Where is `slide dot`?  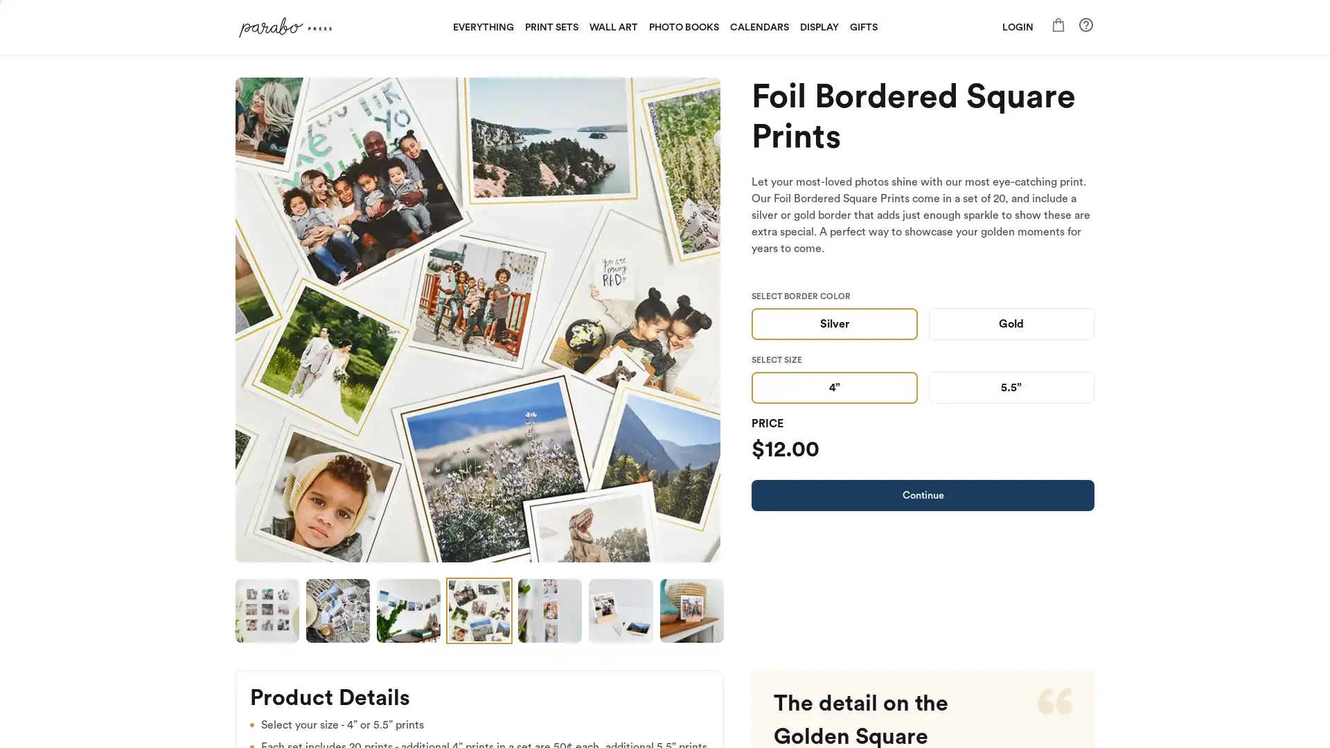 slide dot is located at coordinates (549, 610).